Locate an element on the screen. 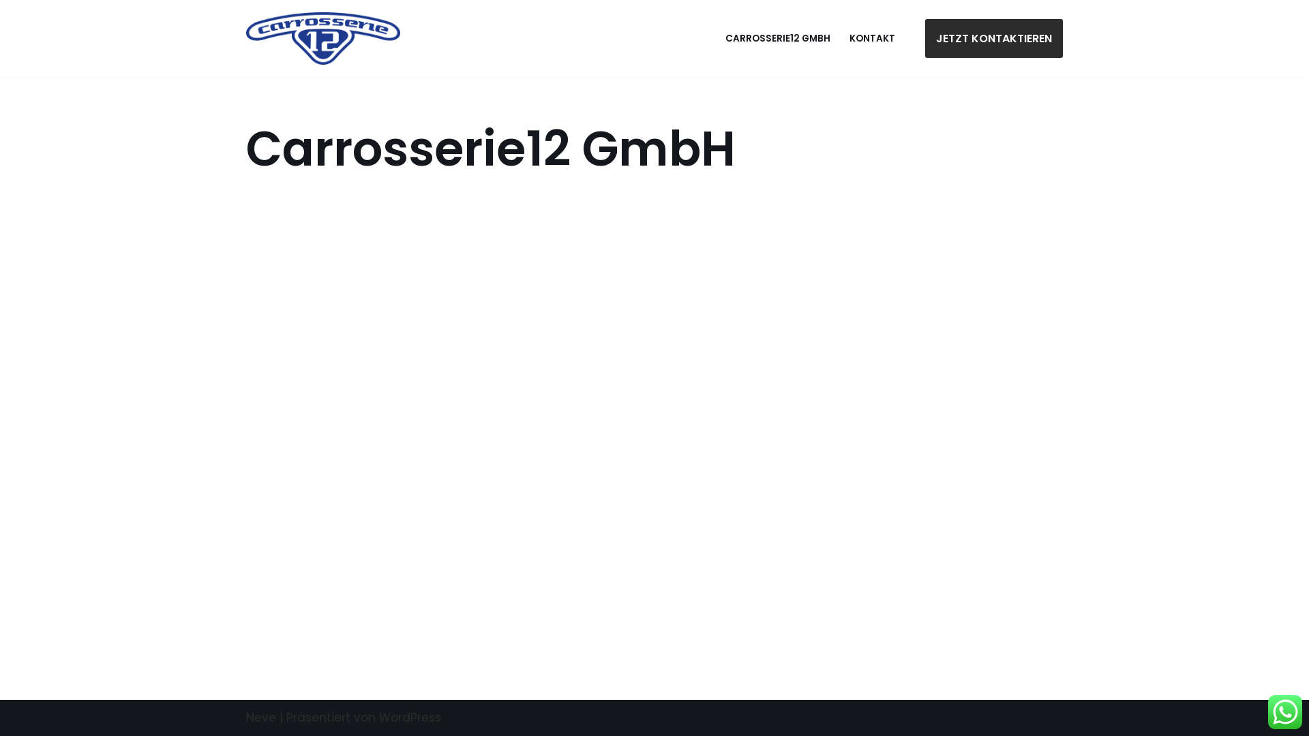 The width and height of the screenshot is (1309, 736). 'KONTAKT' is located at coordinates (871, 37).